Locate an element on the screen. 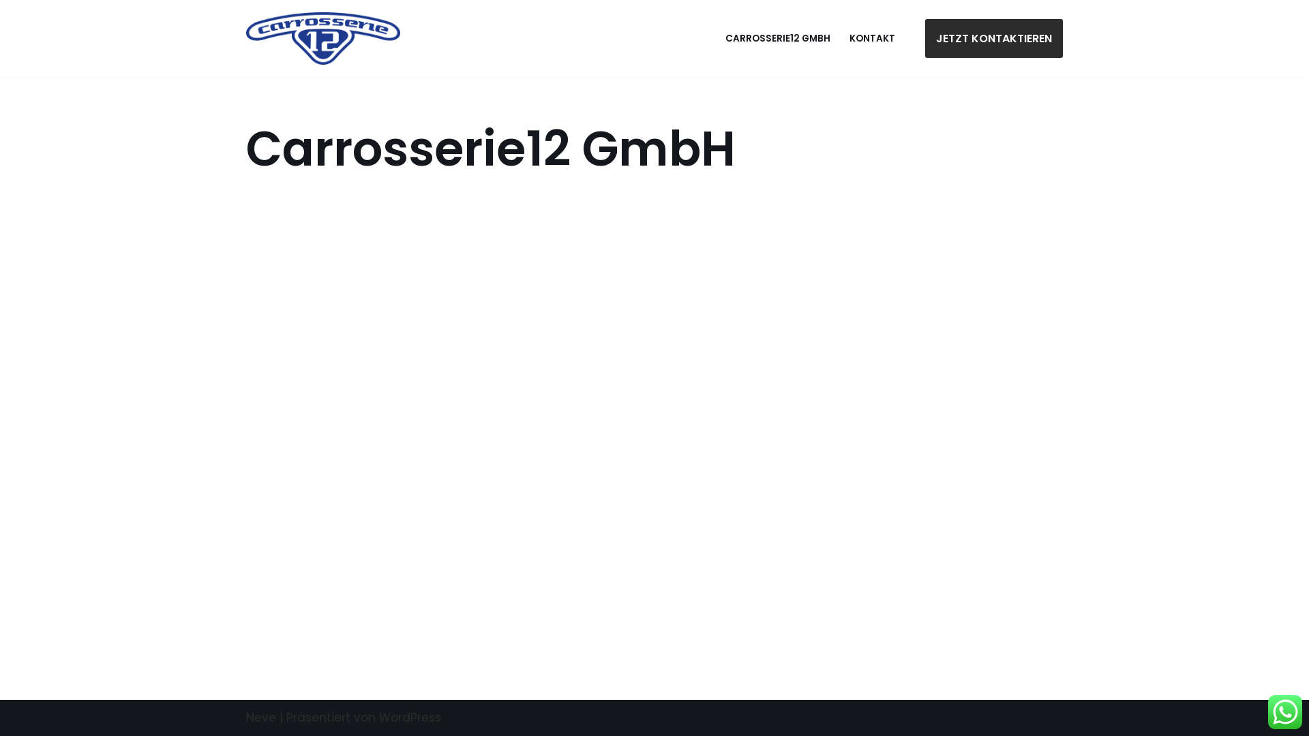 The width and height of the screenshot is (1309, 736). 'KONTAKT' is located at coordinates (871, 37).